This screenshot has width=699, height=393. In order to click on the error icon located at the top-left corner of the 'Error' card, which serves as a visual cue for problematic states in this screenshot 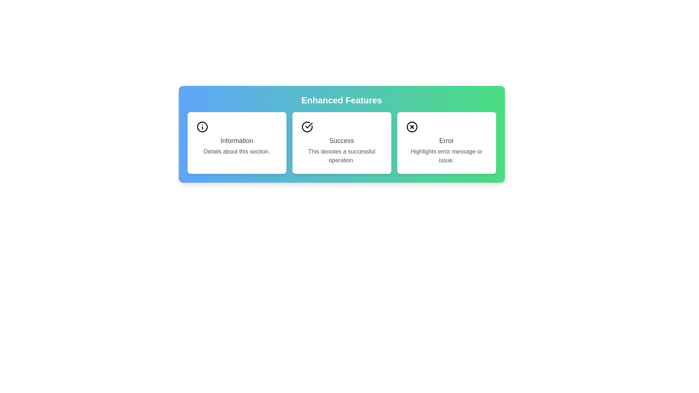, I will do `click(412, 126)`.